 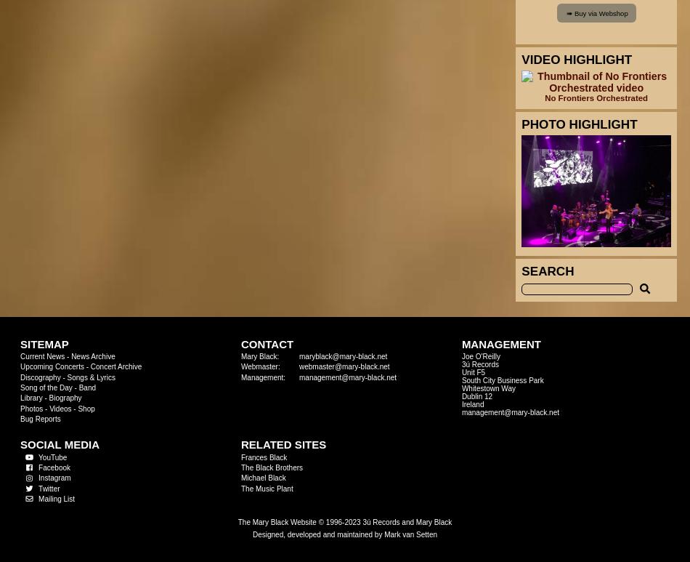 What do you see at coordinates (86, 387) in the screenshot?
I see `'Band'` at bounding box center [86, 387].